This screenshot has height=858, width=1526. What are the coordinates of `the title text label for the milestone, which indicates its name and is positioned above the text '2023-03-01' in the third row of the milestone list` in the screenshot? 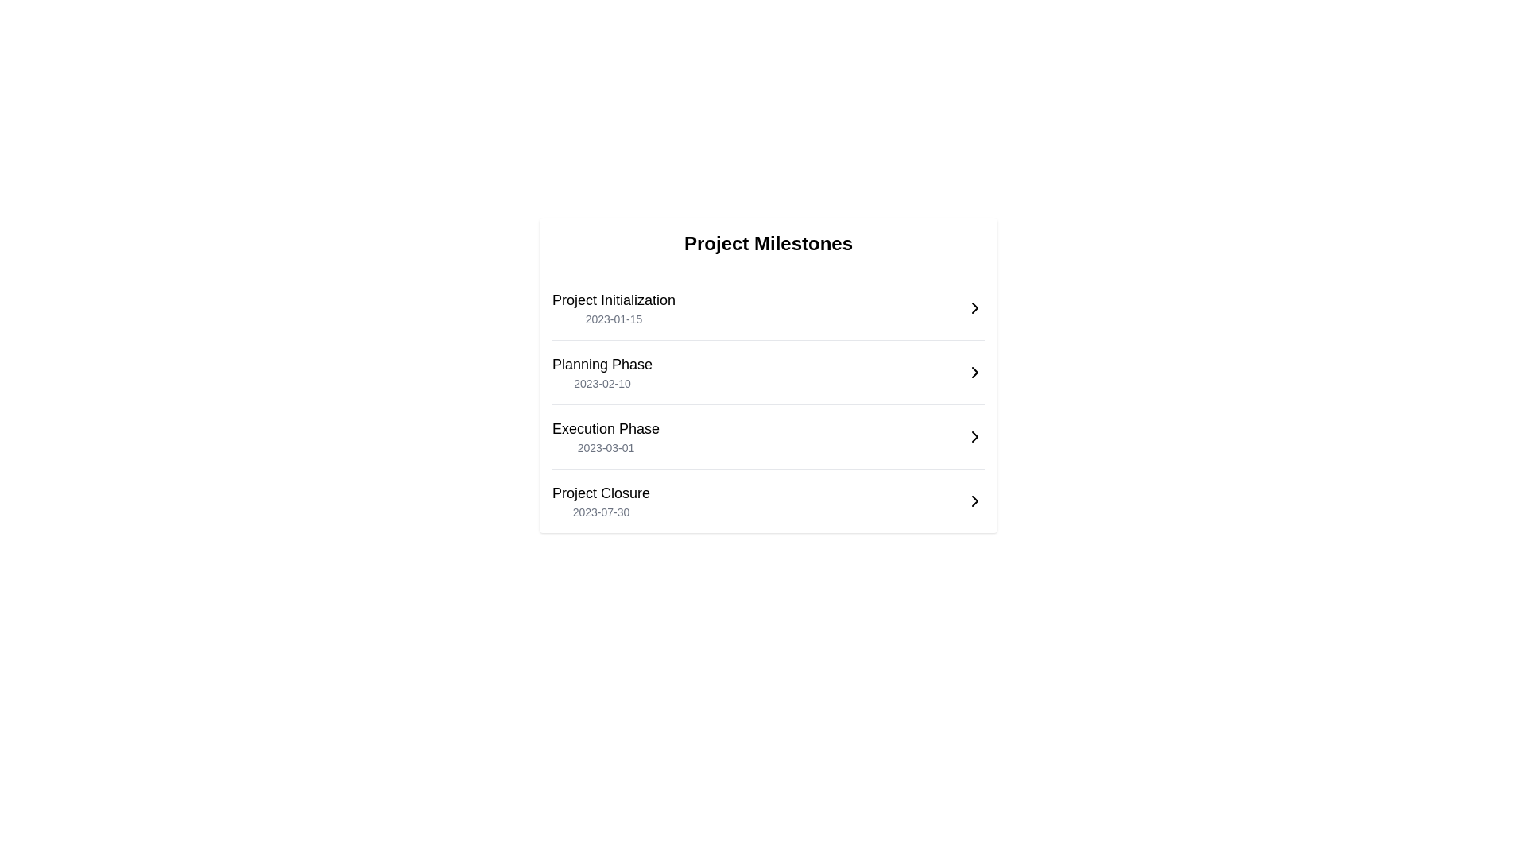 It's located at (605, 429).